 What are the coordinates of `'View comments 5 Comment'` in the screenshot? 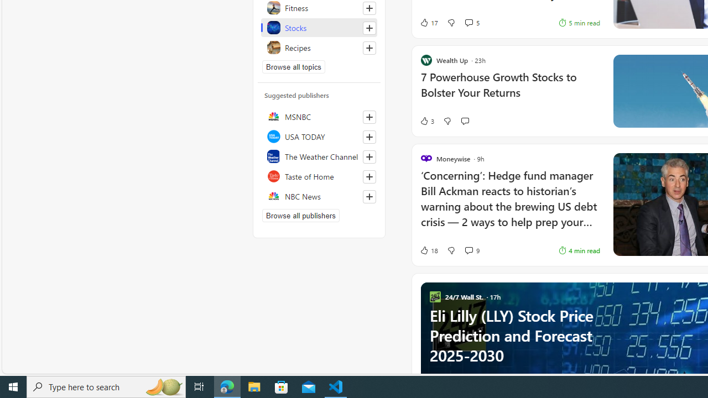 It's located at (468, 23).